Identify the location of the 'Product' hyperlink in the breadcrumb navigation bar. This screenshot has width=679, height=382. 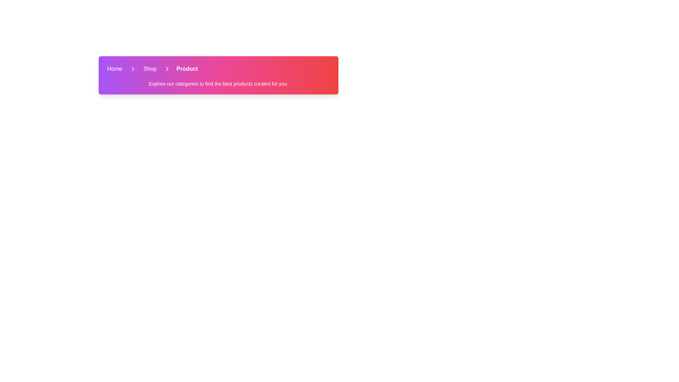
(187, 69).